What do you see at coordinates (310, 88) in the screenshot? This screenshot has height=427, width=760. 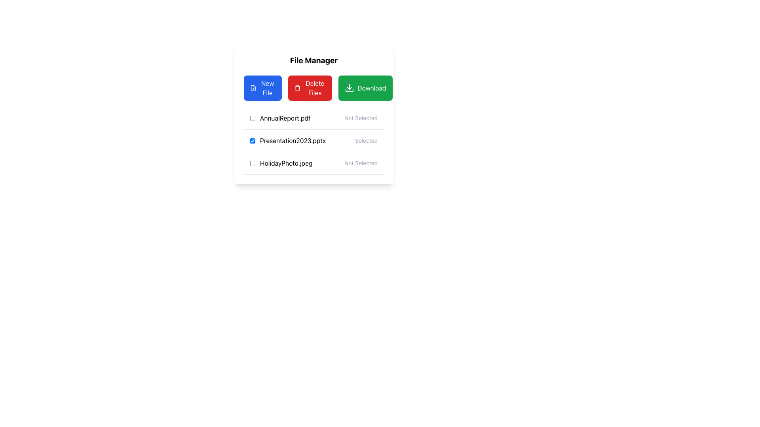 I see `the delete button located between the 'New File' button and the 'Download' button in the 'File Manager' panel to observe any hover effects` at bounding box center [310, 88].